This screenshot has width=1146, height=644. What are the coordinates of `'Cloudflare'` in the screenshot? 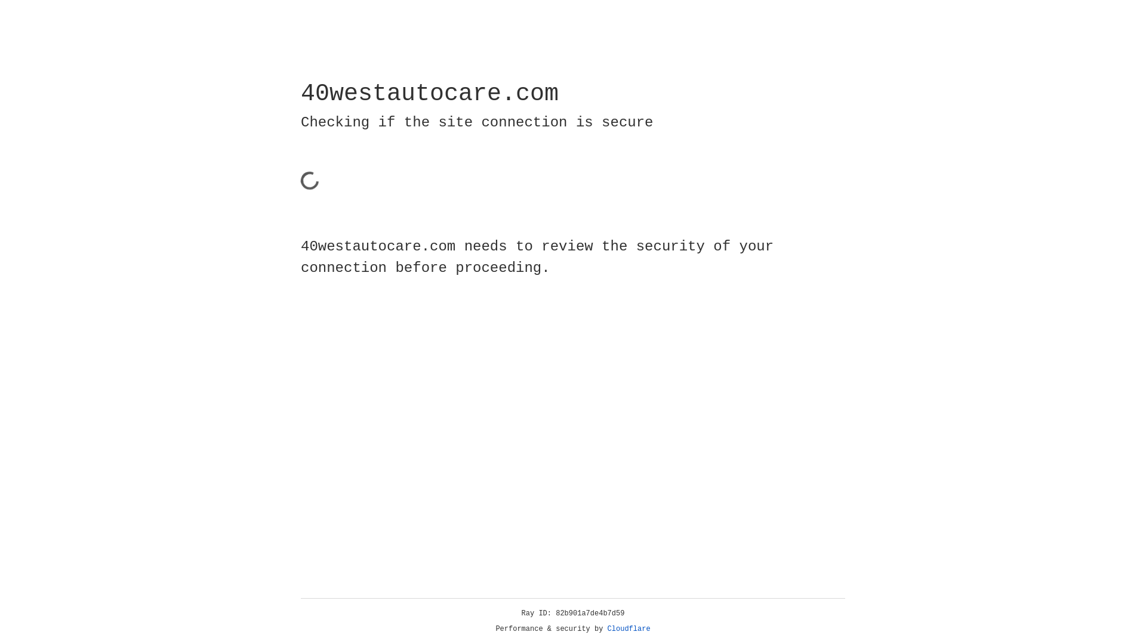 It's located at (629, 628).